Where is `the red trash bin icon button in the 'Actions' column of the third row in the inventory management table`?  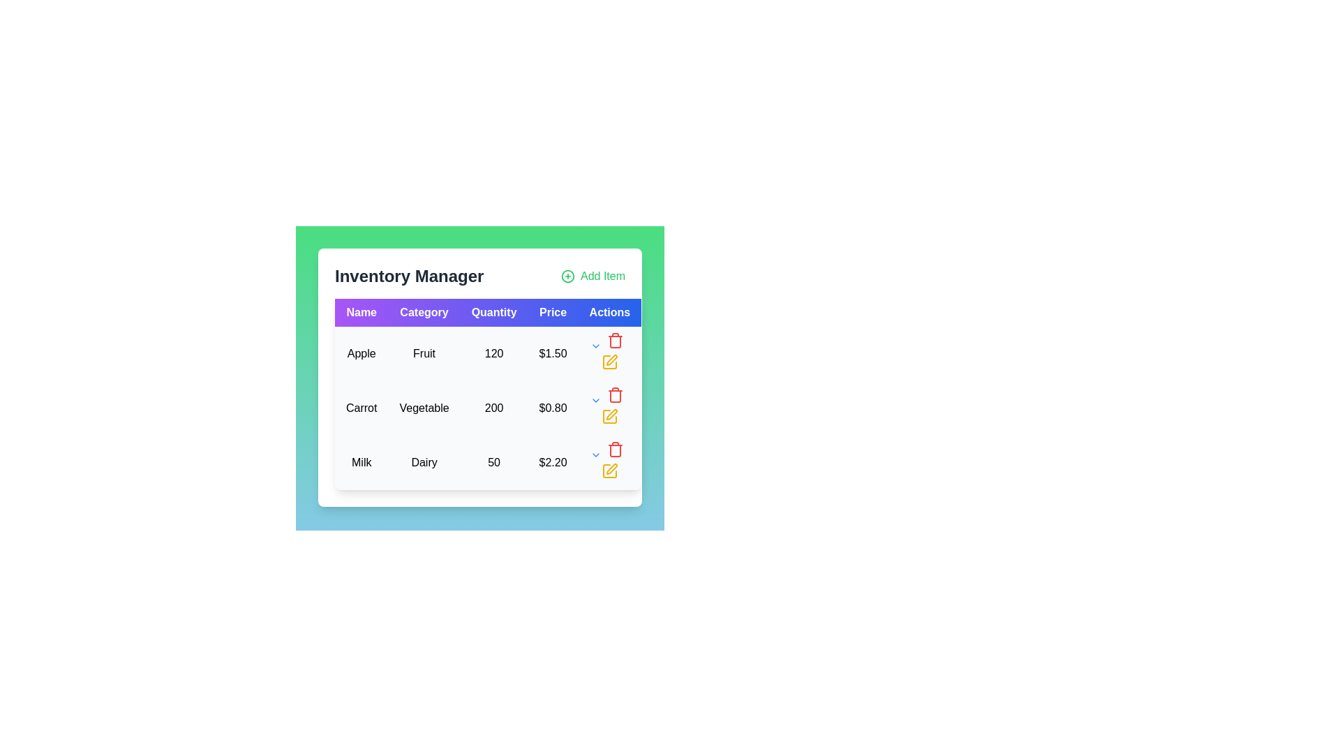 the red trash bin icon button in the 'Actions' column of the third row in the inventory management table is located at coordinates (614, 341).